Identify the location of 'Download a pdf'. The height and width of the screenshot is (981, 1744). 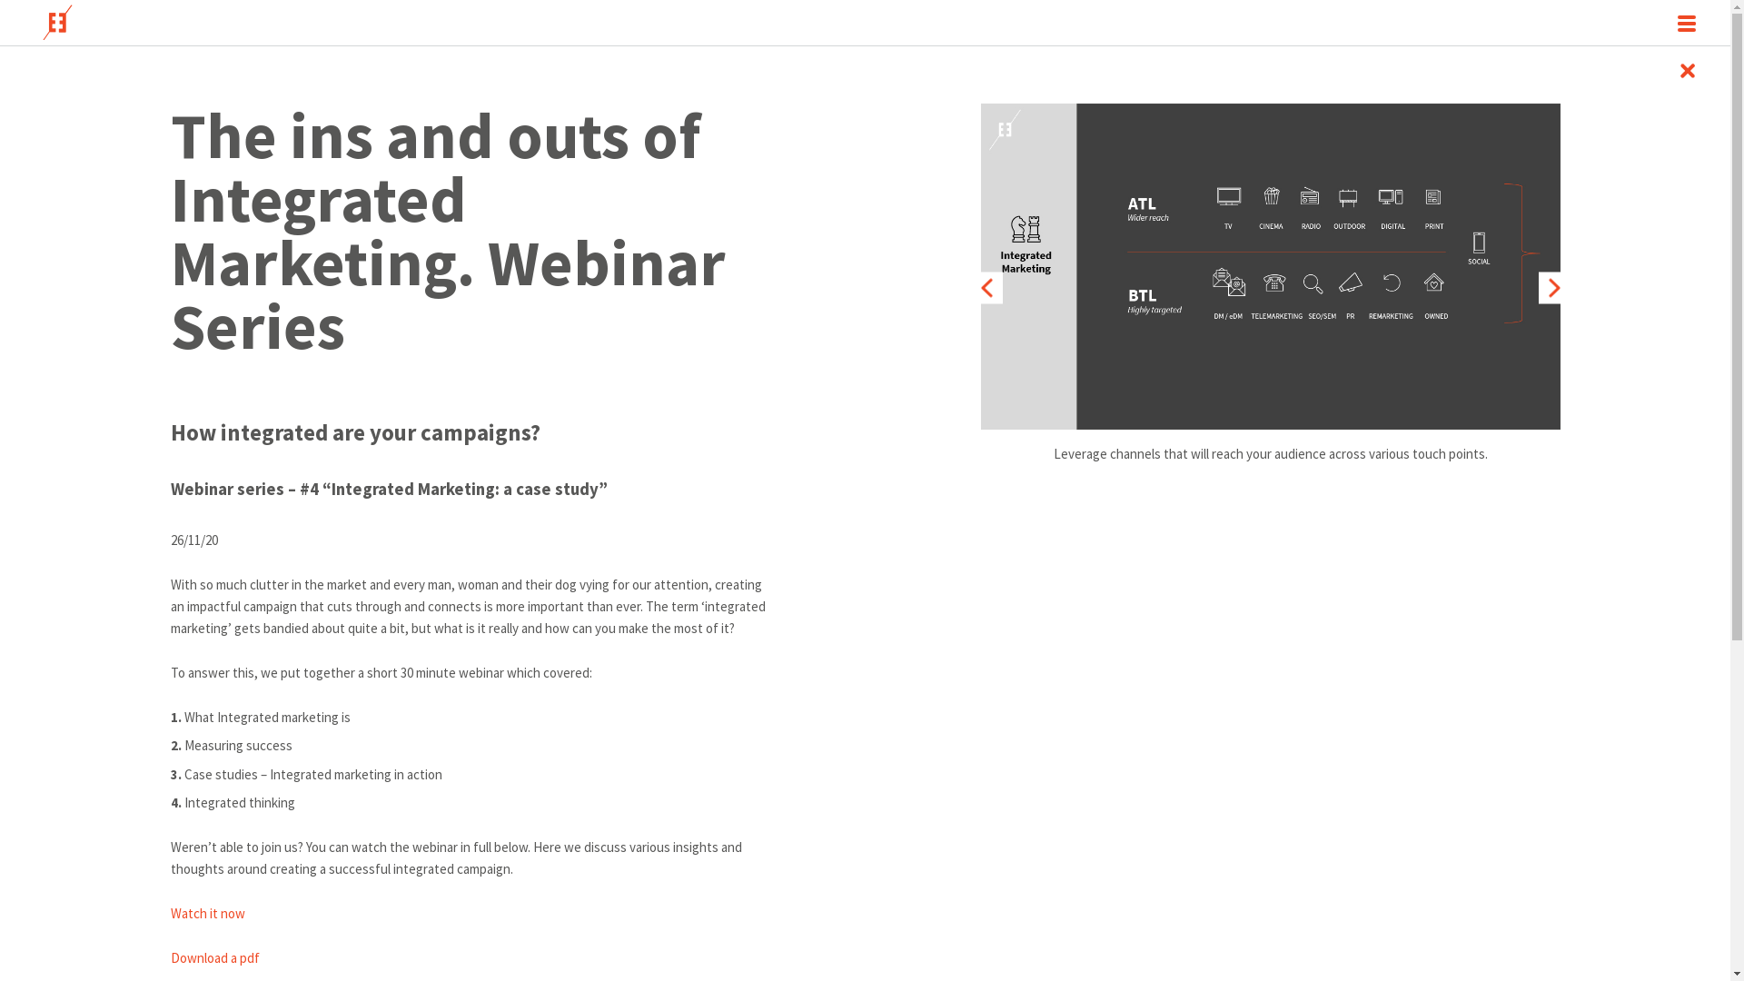
(170, 956).